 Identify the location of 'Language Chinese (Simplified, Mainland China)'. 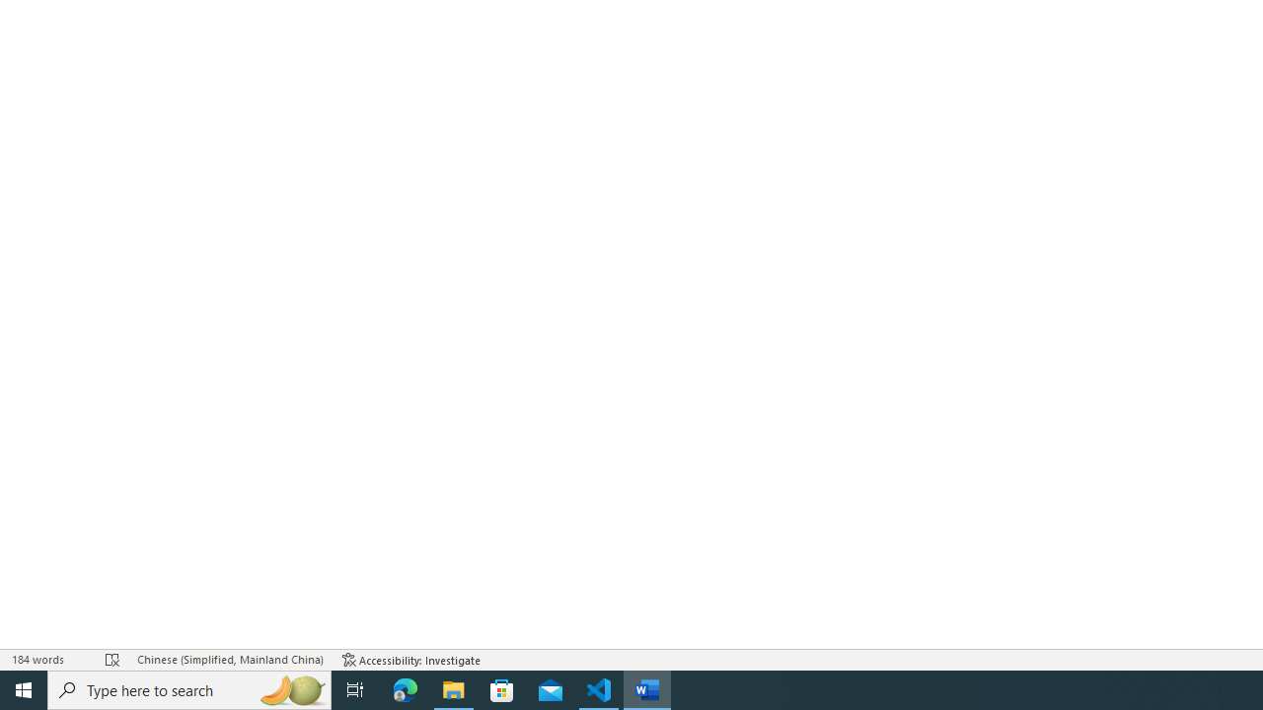
(229, 660).